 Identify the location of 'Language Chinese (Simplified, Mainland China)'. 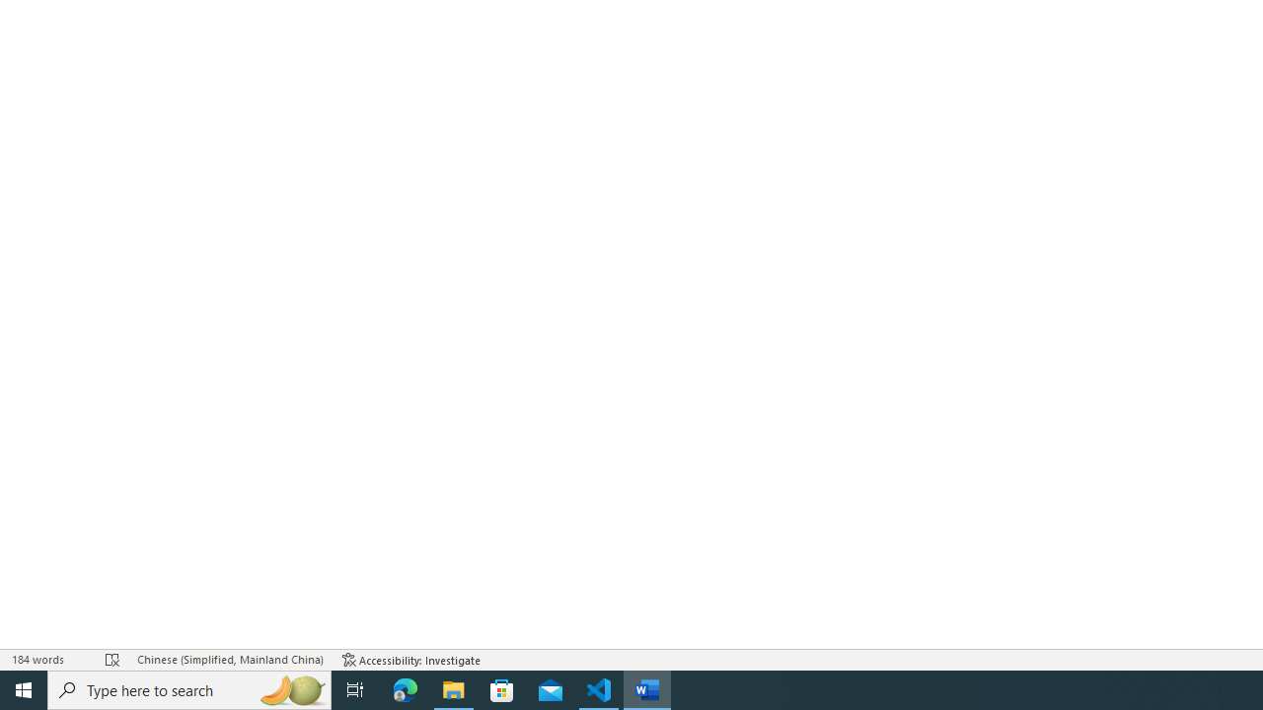
(229, 660).